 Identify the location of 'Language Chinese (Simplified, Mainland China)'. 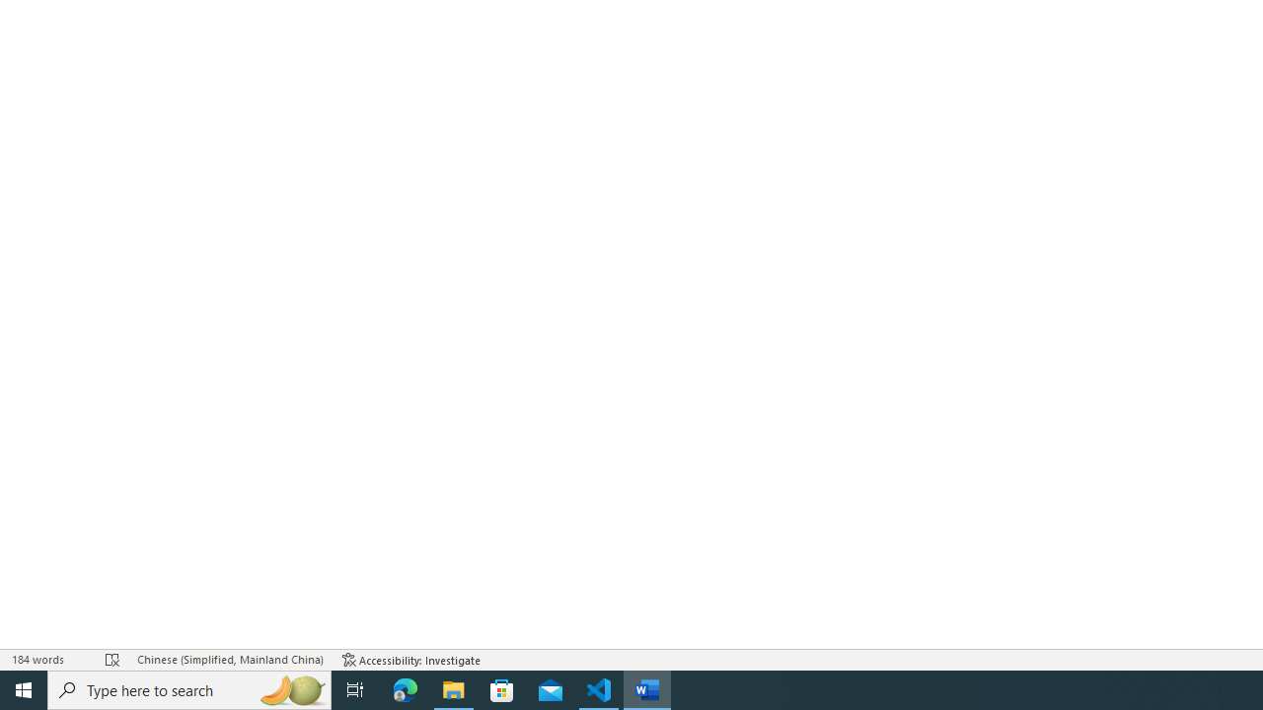
(229, 660).